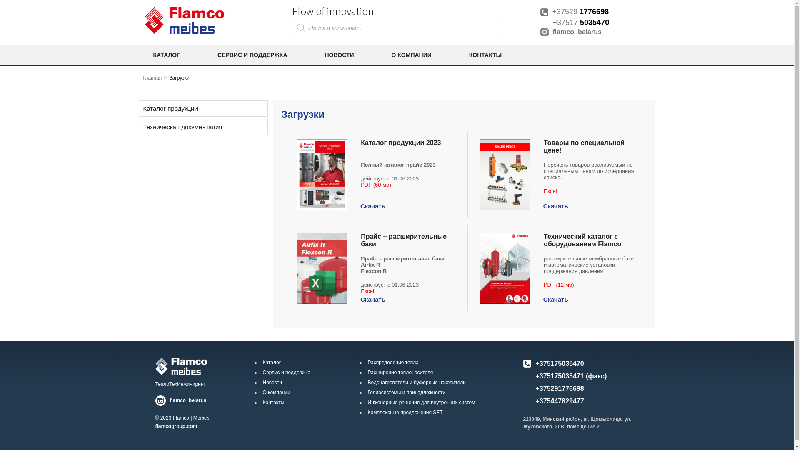 The width and height of the screenshot is (800, 450). Describe the element at coordinates (560, 363) in the screenshot. I see `'+375175035470'` at that location.